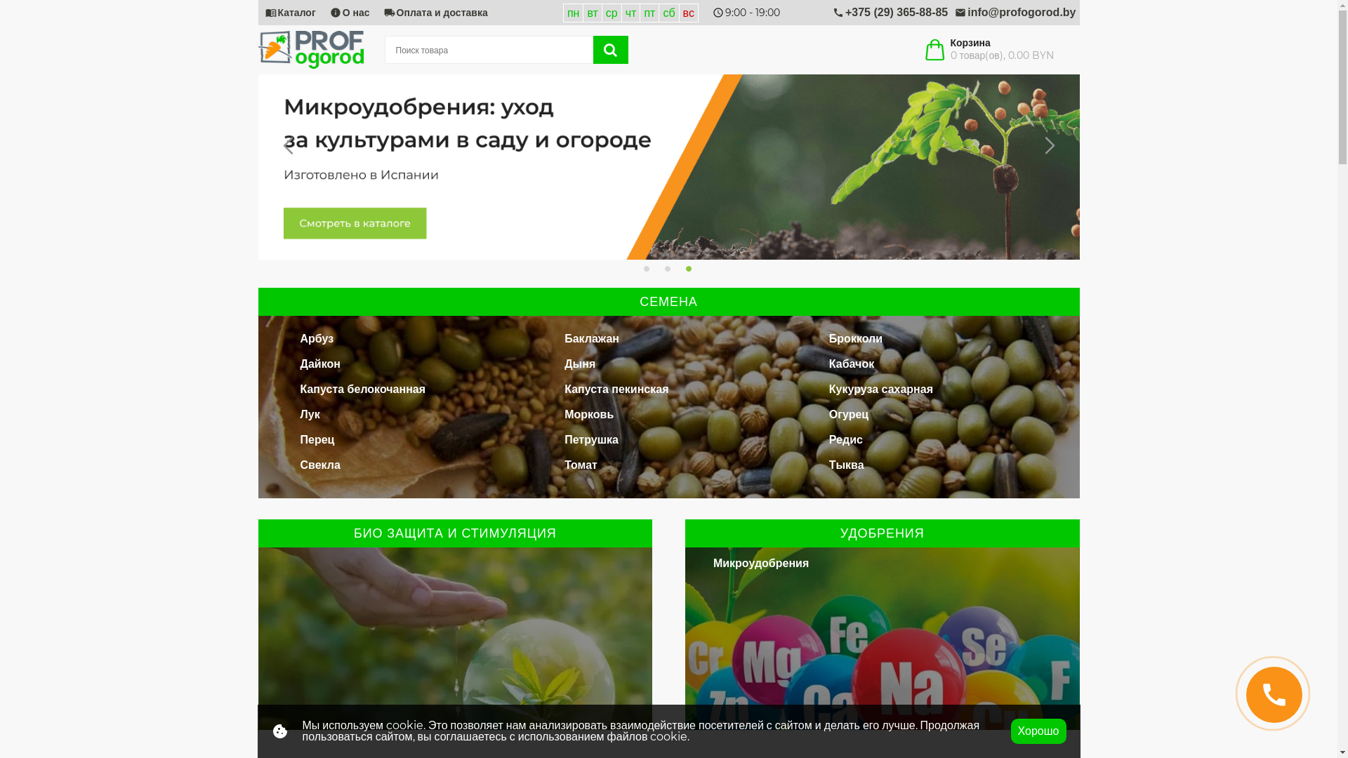 The width and height of the screenshot is (1348, 758). Describe the element at coordinates (258, 48) in the screenshot. I see `'Profogorod'` at that location.